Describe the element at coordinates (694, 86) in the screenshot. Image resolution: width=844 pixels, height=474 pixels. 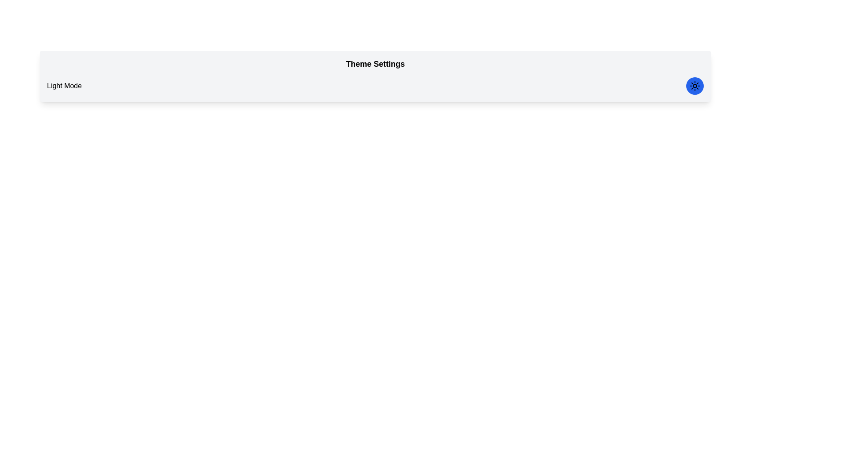
I see `the sun icon in the blue circular button located in the top-right region of the 'Theme Settings' bar` at that location.